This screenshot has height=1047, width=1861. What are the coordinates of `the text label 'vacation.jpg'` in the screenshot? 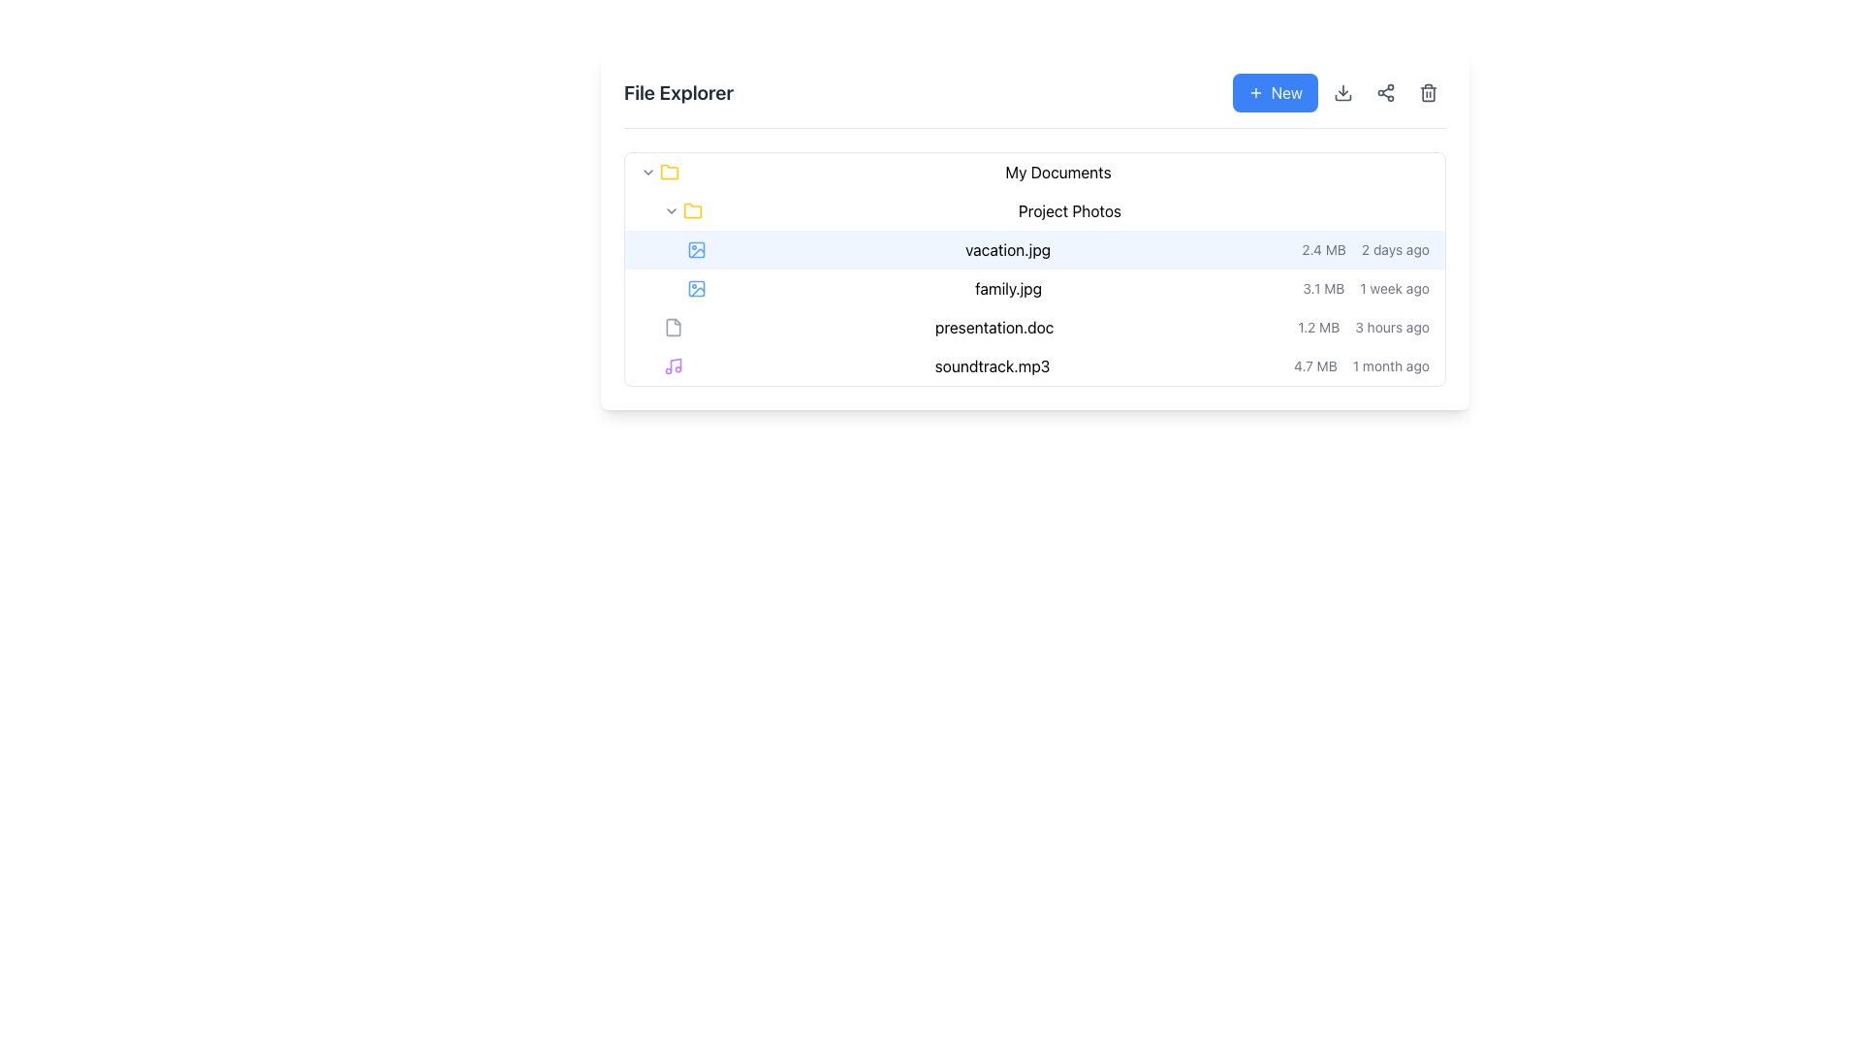 It's located at (1008, 249).